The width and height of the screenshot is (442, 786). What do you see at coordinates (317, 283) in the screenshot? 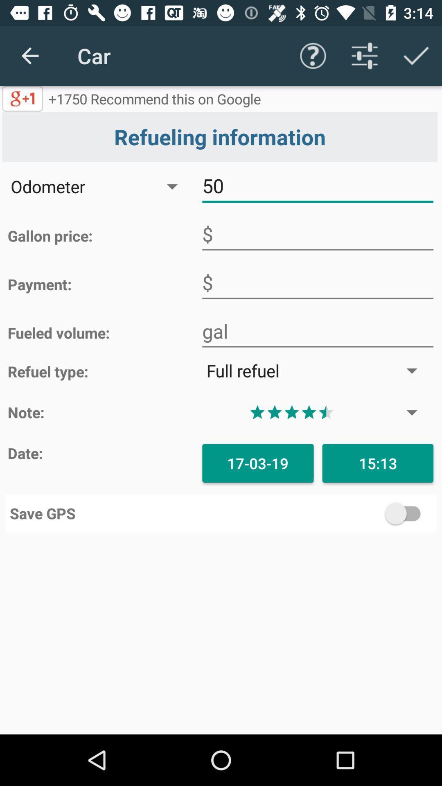
I see `answer` at bounding box center [317, 283].